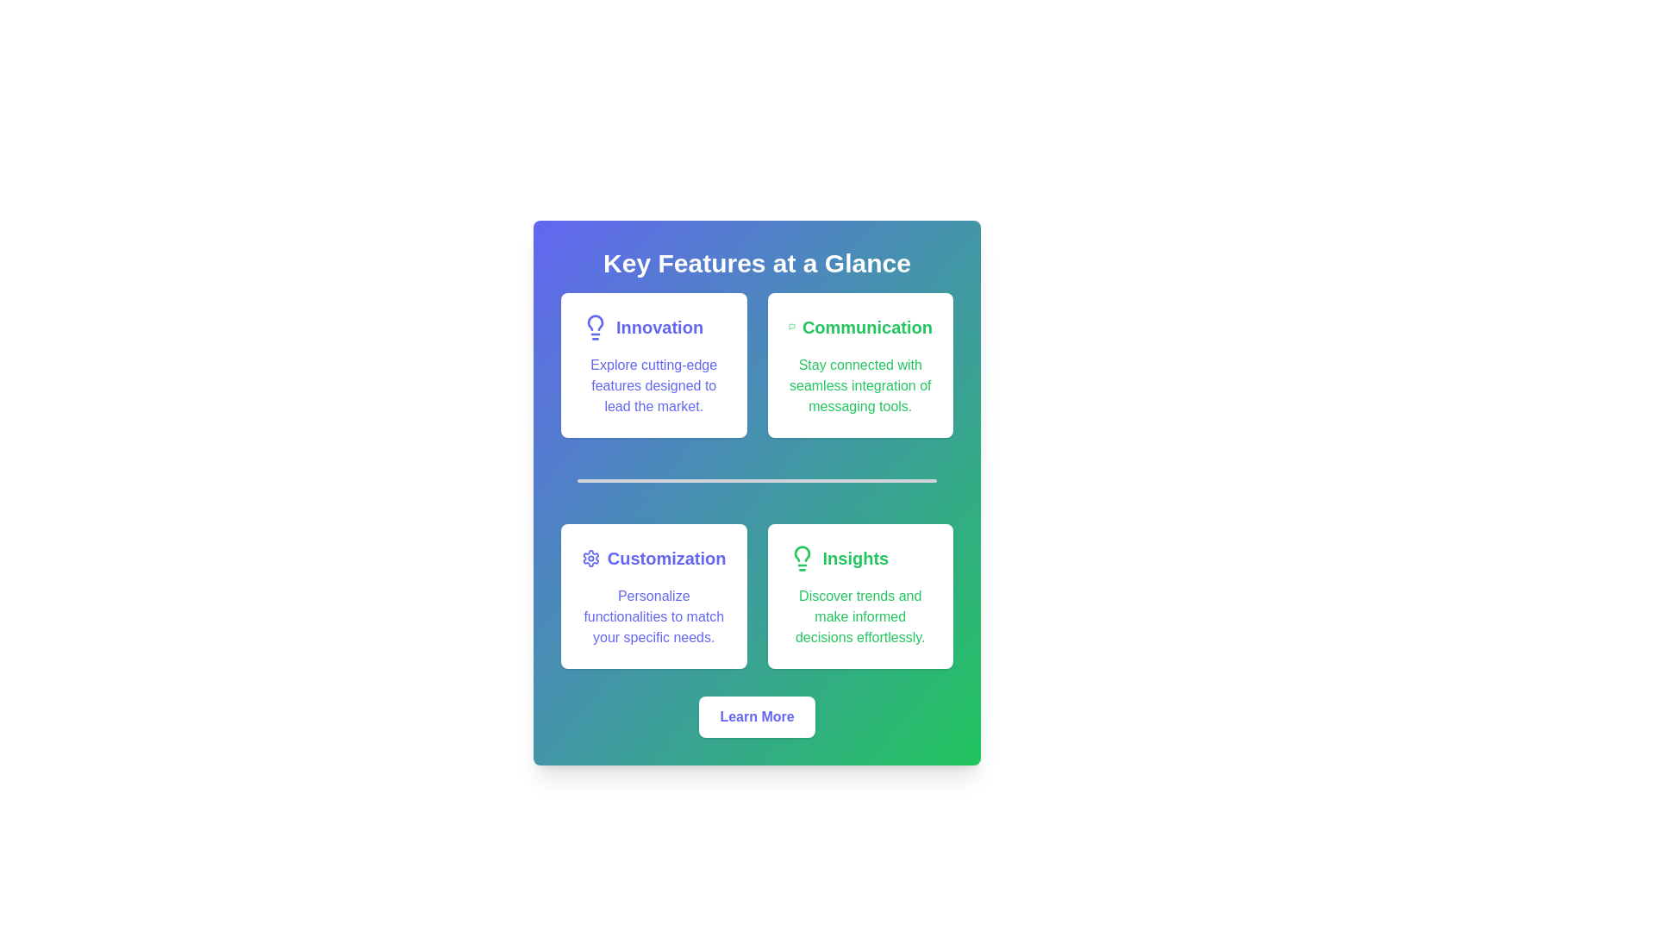 The height and width of the screenshot is (931, 1655). I want to click on text from the green-colored text block displaying the message 'Discover trends and make informed decisions effortlessly.' located within the white card labeled 'Insights.', so click(860, 616).